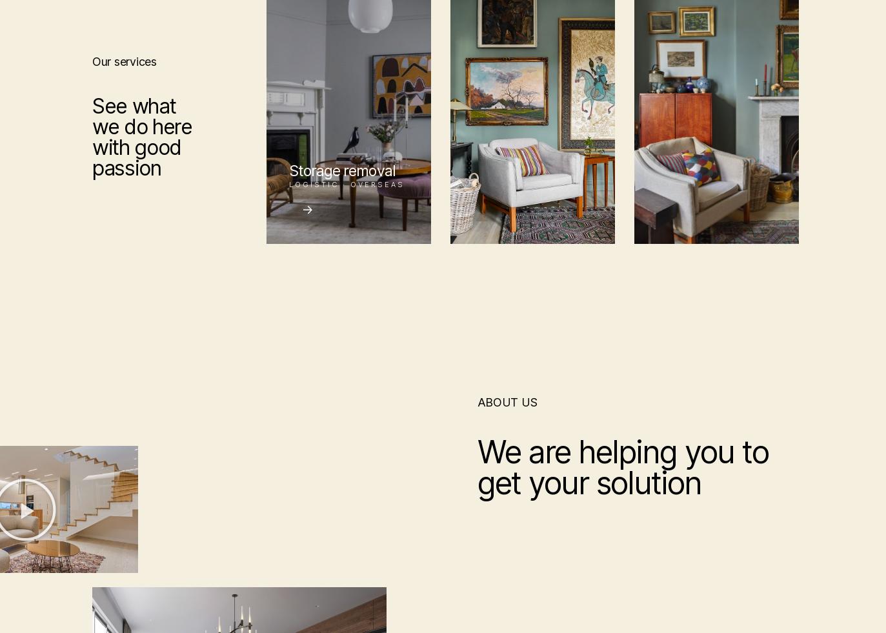  I want to click on 'WPTB', so click(115, 625).